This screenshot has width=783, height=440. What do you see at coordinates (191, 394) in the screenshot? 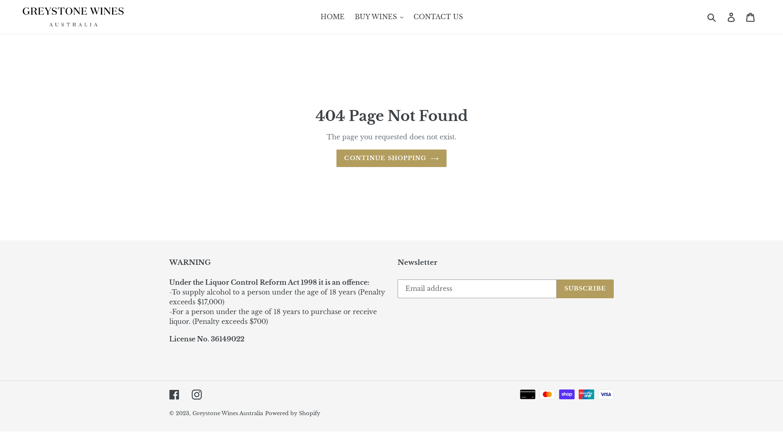
I see `'Instagram'` at bounding box center [191, 394].